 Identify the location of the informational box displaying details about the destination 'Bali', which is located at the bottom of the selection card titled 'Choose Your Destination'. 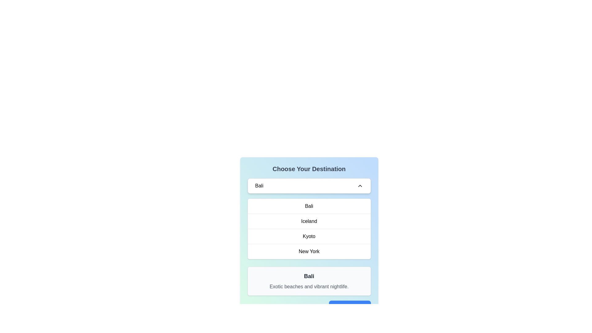
(309, 281).